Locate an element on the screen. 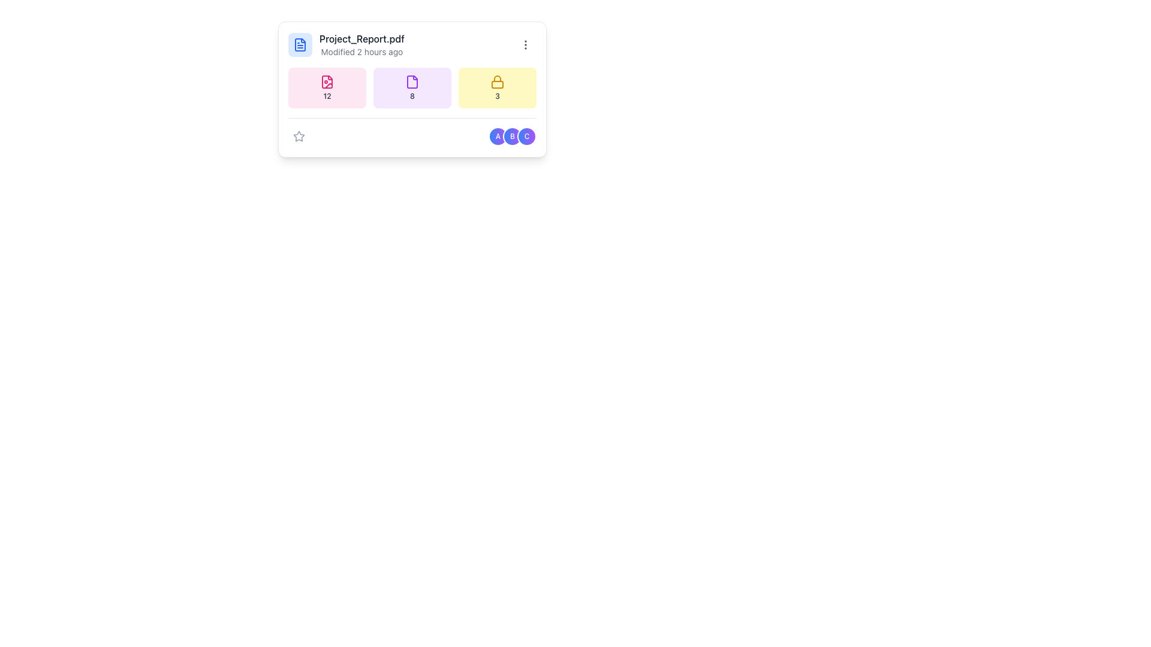 This screenshot has width=1151, height=647. the circular button displaying 'B' is located at coordinates (512, 135).